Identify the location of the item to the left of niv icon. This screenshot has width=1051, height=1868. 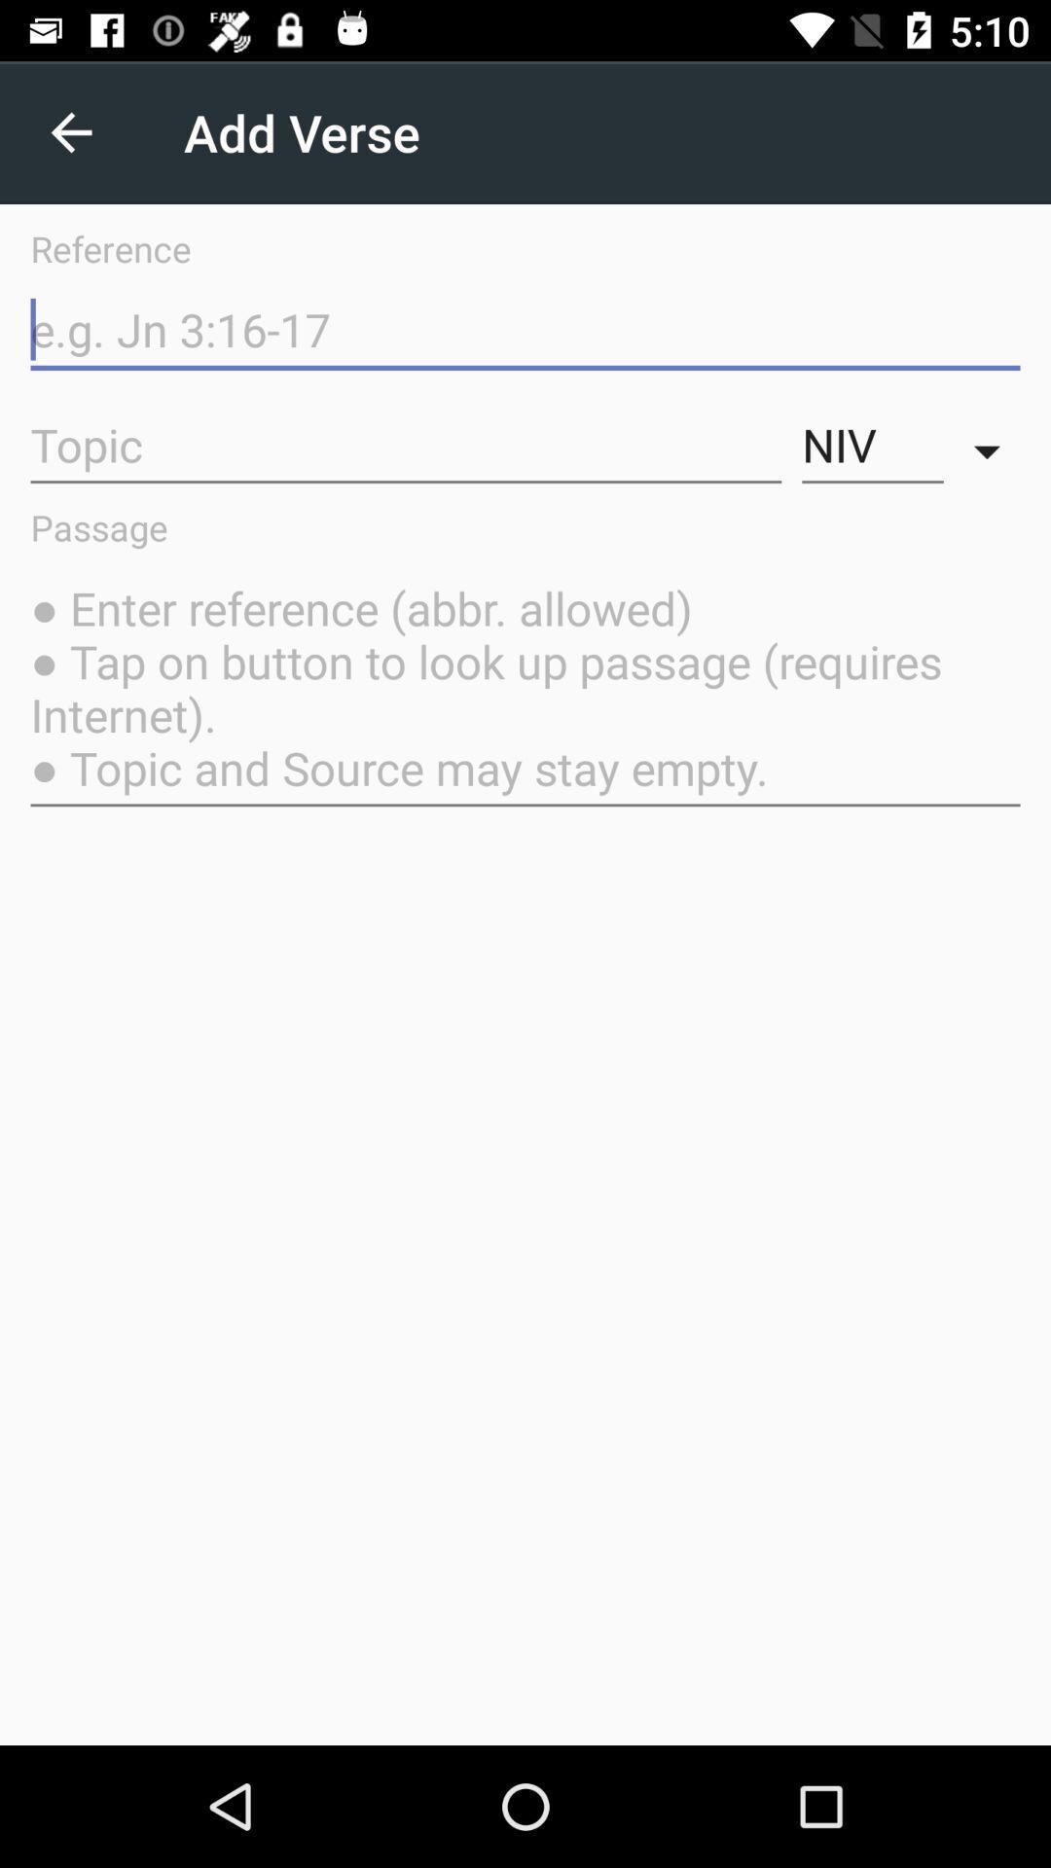
(405, 445).